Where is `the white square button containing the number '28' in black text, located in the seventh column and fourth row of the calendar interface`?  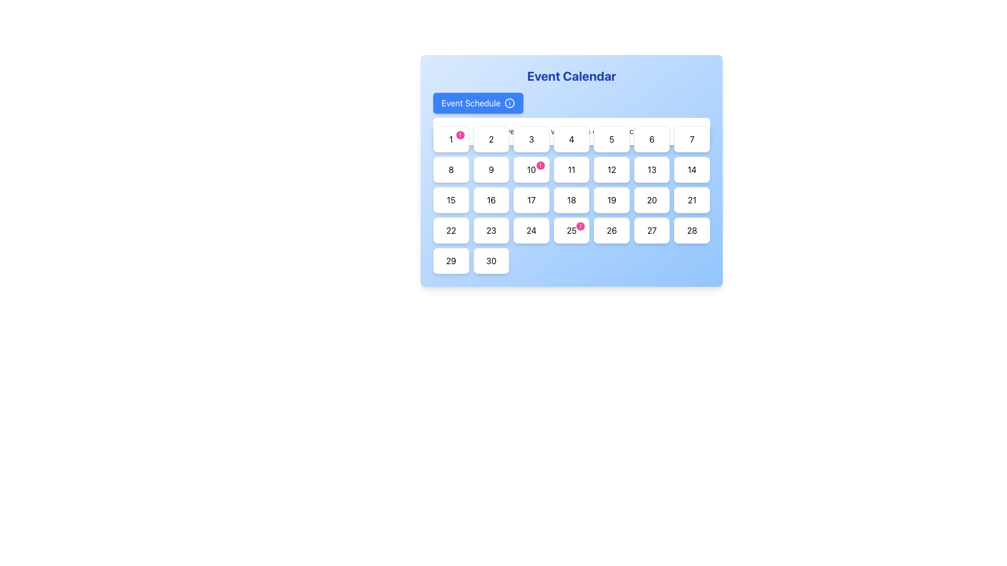 the white square button containing the number '28' in black text, located in the seventh column and fourth row of the calendar interface is located at coordinates (692, 230).